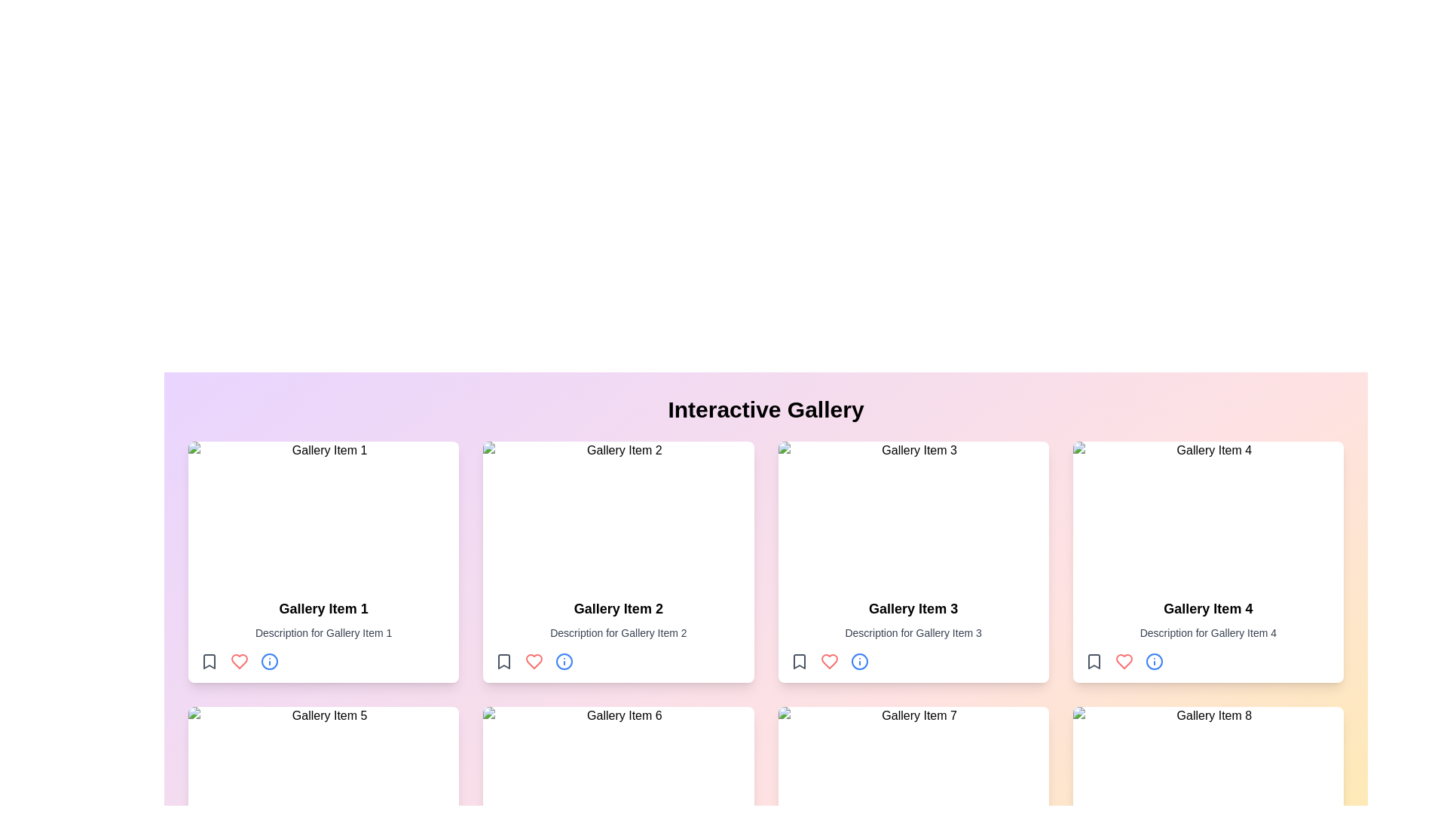 This screenshot has width=1447, height=814. Describe the element at coordinates (238, 661) in the screenshot. I see `the heart icon button that represents the action to 'like' or mark the corresponding gallery item as a favorite, located in the first gallery card at the bottom, between the bookmark icon on the left and the info icon on the right` at that location.